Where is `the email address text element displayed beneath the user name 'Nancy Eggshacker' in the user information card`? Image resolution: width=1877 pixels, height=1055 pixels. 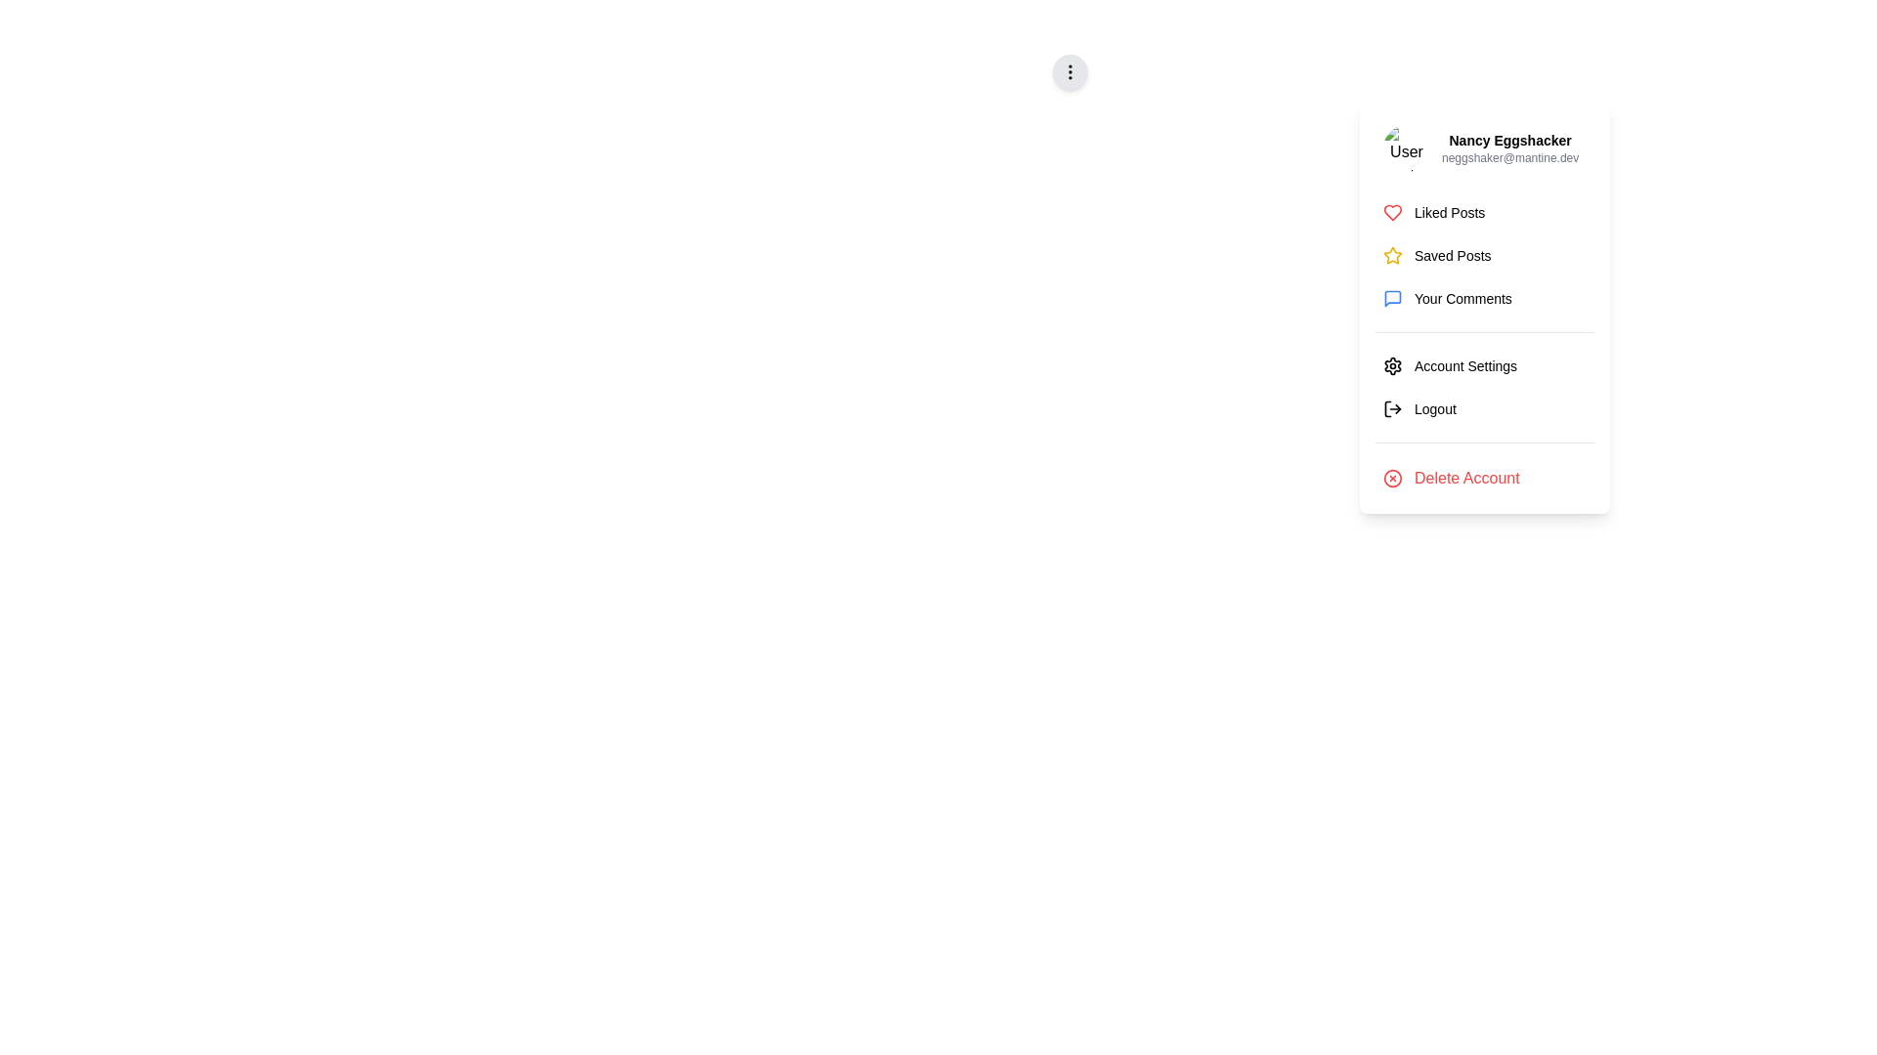 the email address text element displayed beneath the user name 'Nancy Eggshacker' in the user information card is located at coordinates (1509, 157).